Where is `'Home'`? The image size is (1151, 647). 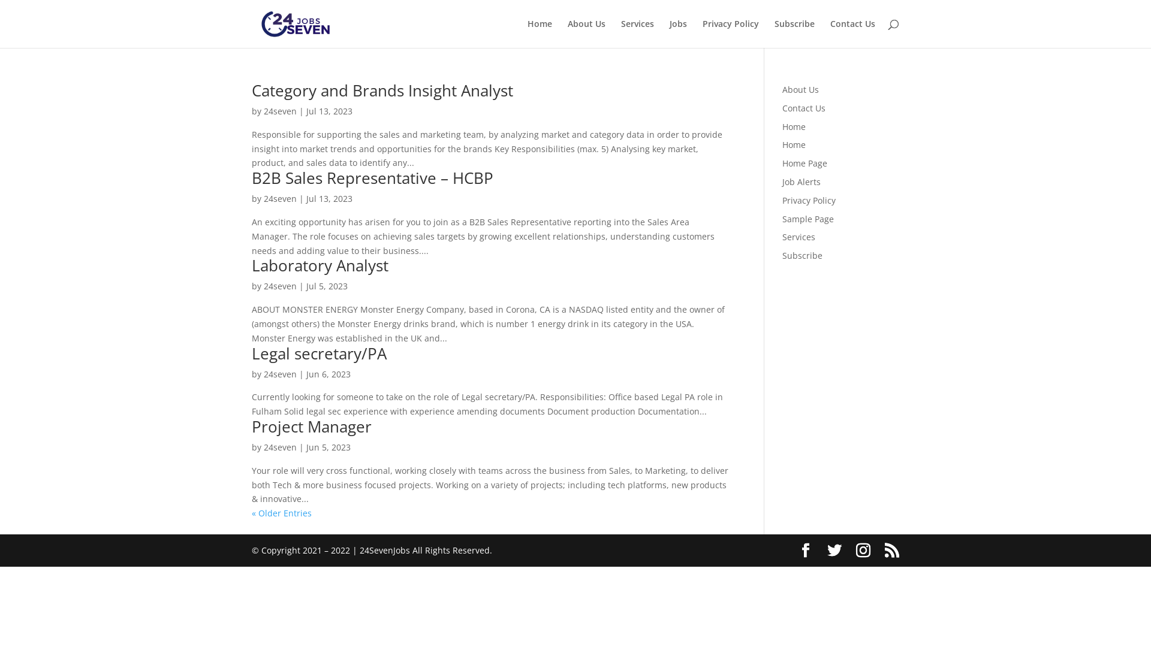
'Home' is located at coordinates (794, 144).